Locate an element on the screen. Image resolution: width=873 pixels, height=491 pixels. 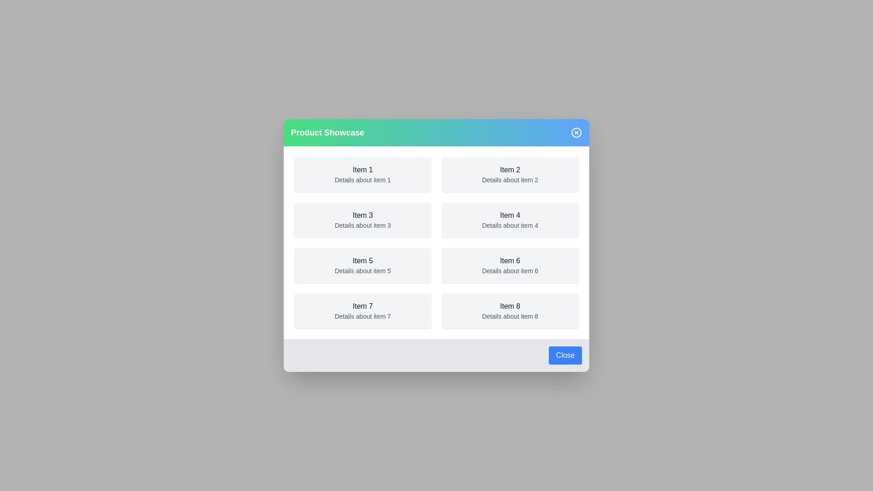
the 'Close' button at the bottom of the dialog is located at coordinates (565, 355).